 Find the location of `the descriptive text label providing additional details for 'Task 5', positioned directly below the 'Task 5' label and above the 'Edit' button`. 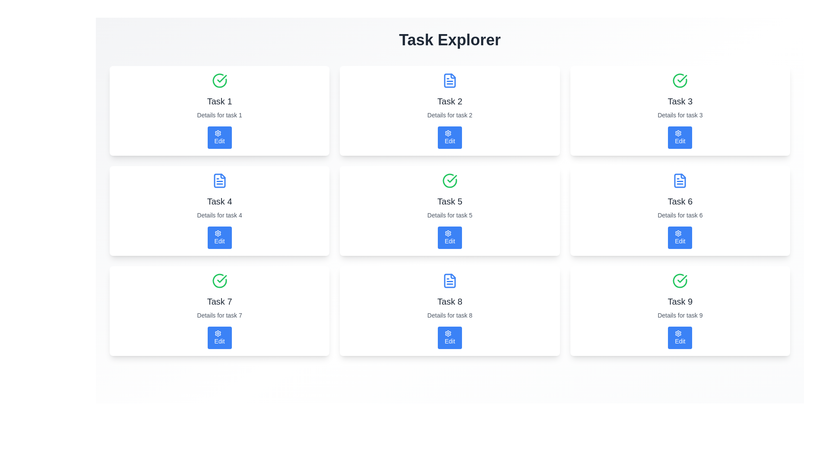

the descriptive text label providing additional details for 'Task 5', positioned directly below the 'Task 5' label and above the 'Edit' button is located at coordinates (449, 214).